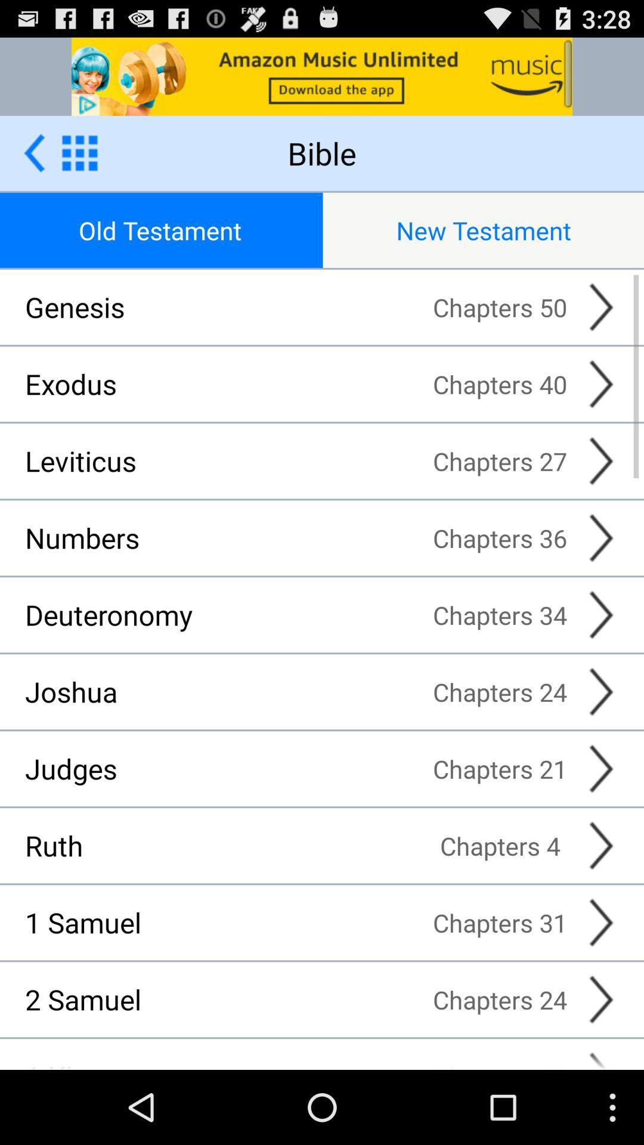 This screenshot has height=1145, width=644. Describe the element at coordinates (33, 152) in the screenshot. I see `go back` at that location.